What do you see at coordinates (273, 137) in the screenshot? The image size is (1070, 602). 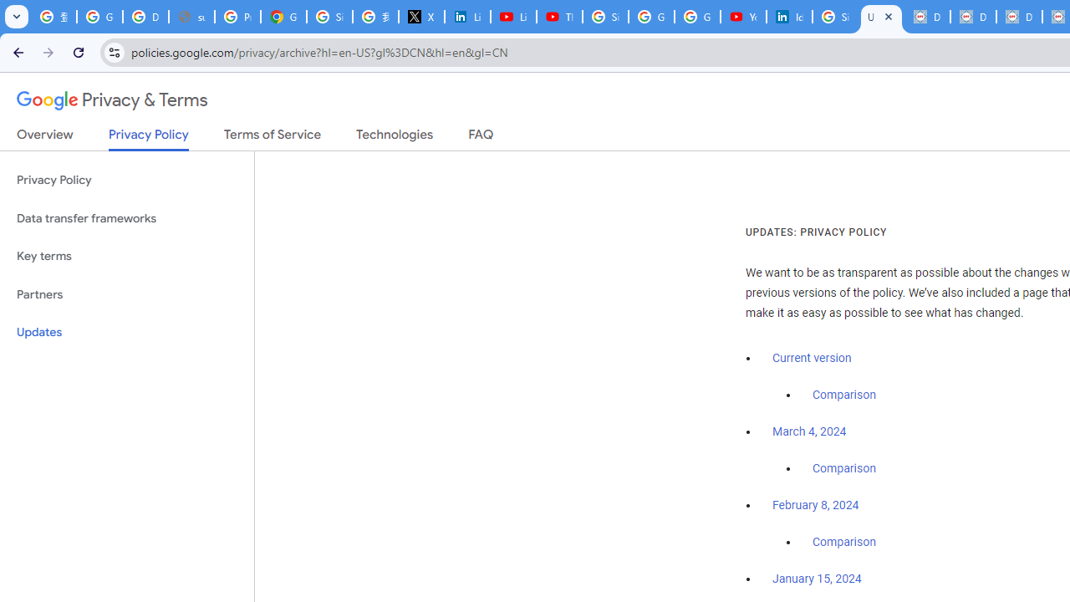 I see `'Terms of Service'` at bounding box center [273, 137].